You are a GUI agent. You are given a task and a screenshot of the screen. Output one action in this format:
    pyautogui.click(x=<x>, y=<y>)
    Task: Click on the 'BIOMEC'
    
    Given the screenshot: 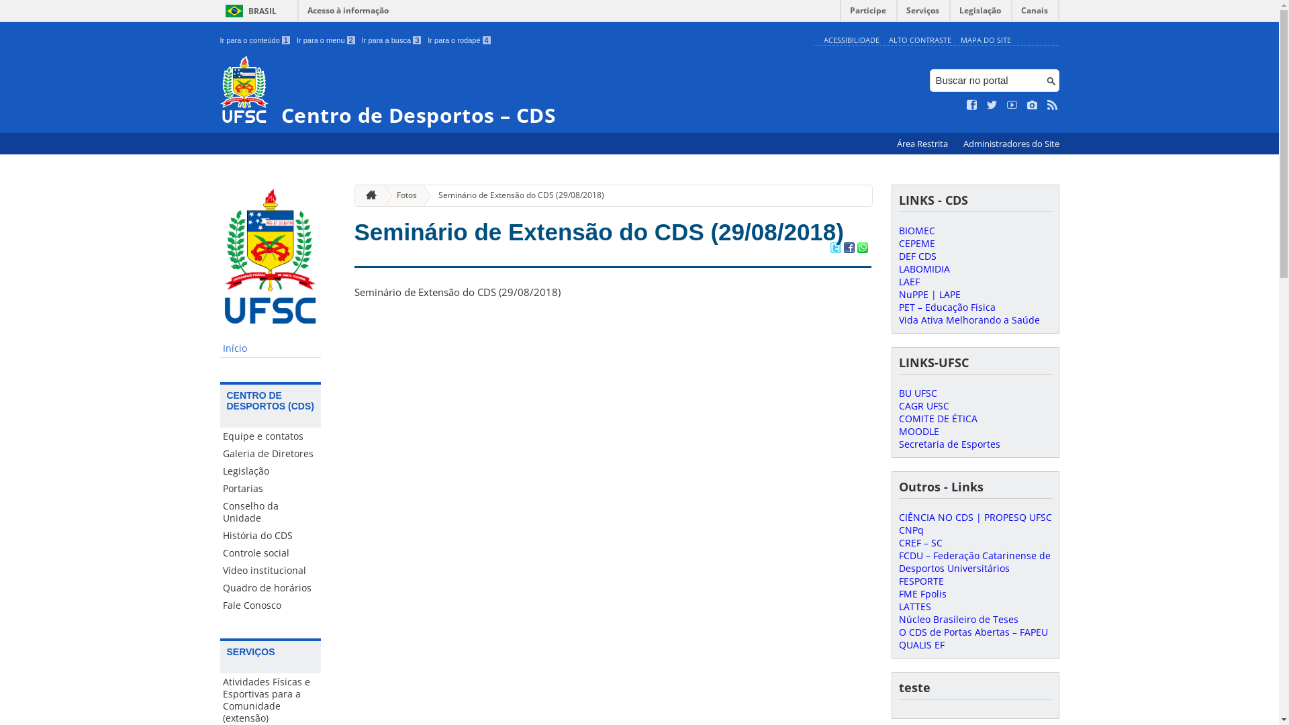 What is the action you would take?
    pyautogui.click(x=915, y=230)
    